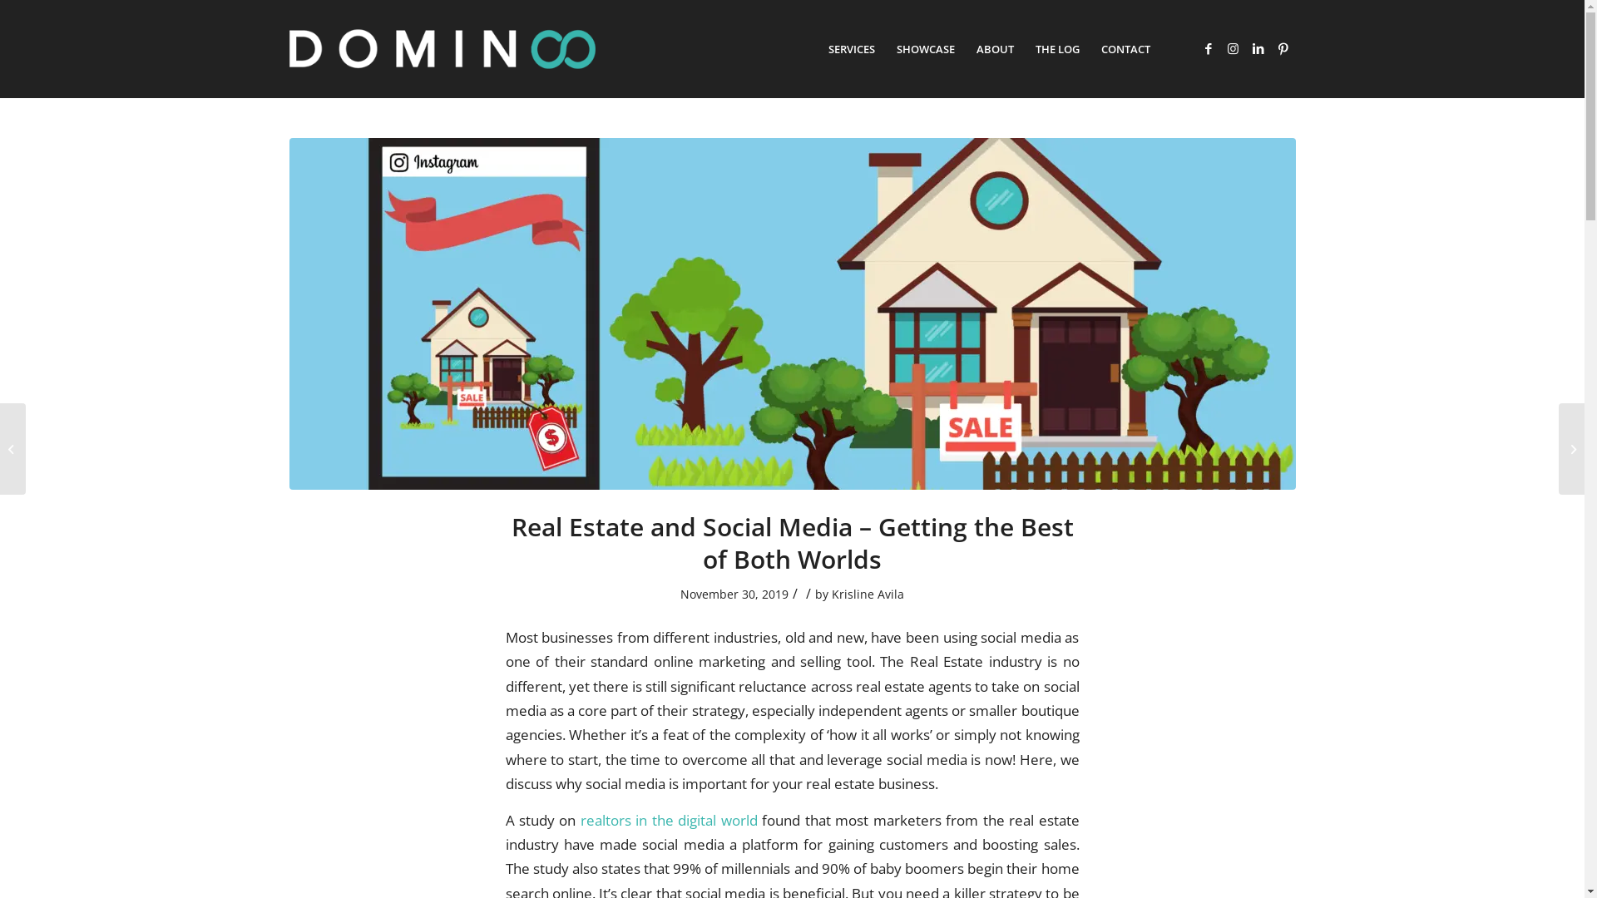 This screenshot has width=1597, height=898. I want to click on 'Krisline Avila', so click(831, 593).